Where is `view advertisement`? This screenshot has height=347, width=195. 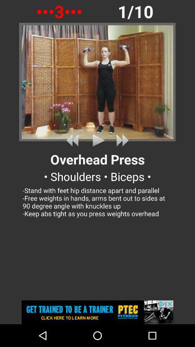 view advertisement is located at coordinates (97, 312).